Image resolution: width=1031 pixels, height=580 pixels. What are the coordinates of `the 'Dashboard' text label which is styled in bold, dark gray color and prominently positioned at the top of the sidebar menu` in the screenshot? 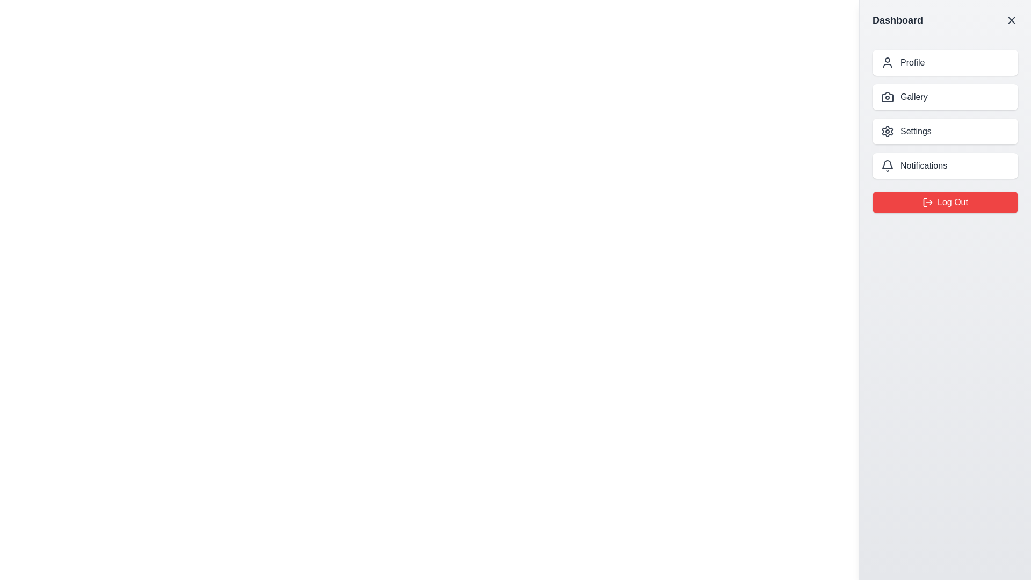 It's located at (897, 20).